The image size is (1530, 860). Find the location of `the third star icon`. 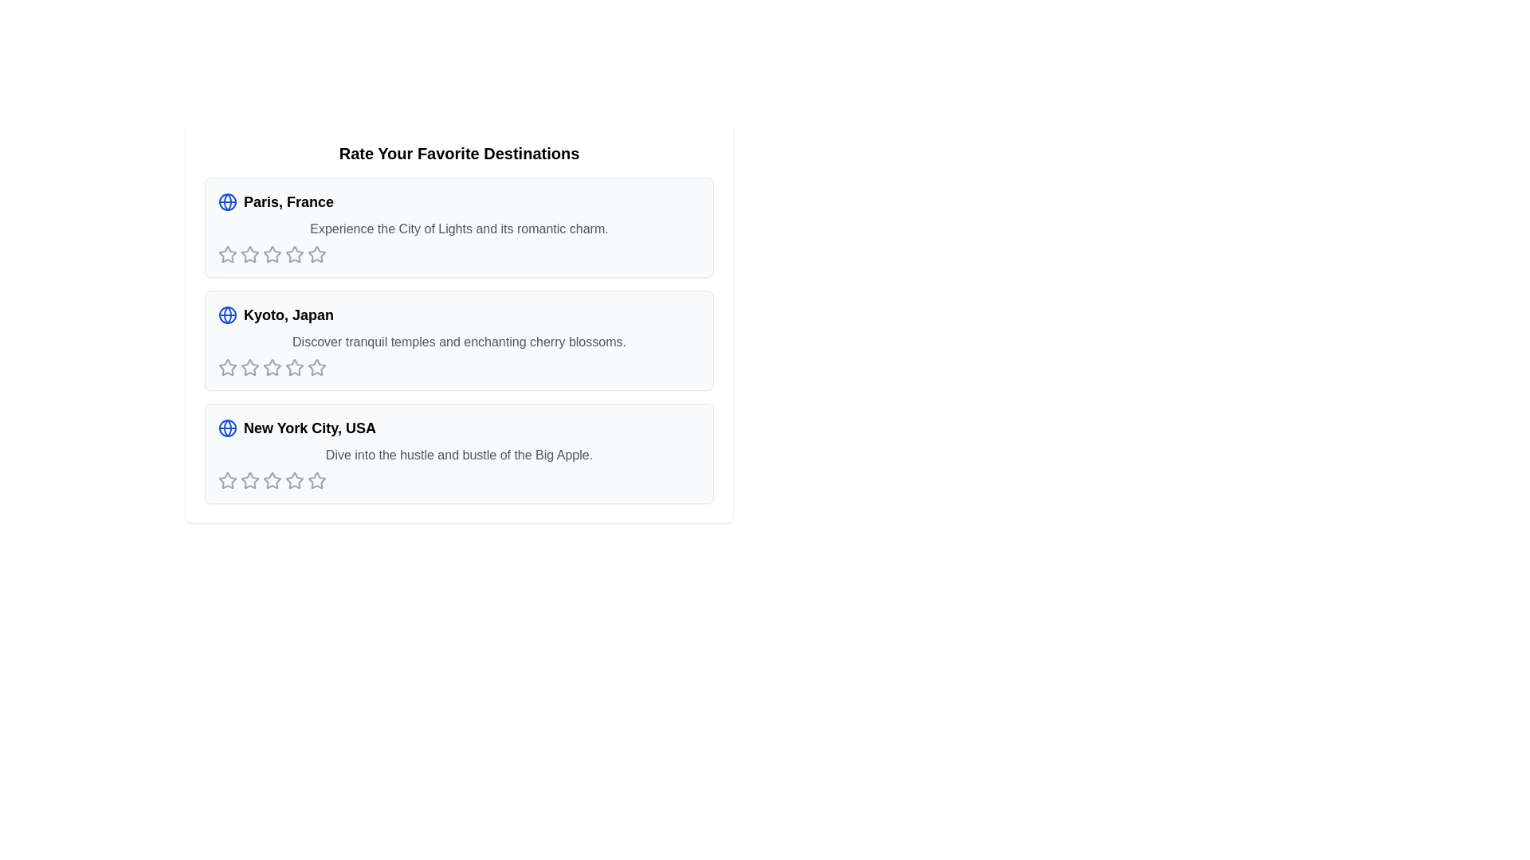

the third star icon is located at coordinates (294, 253).